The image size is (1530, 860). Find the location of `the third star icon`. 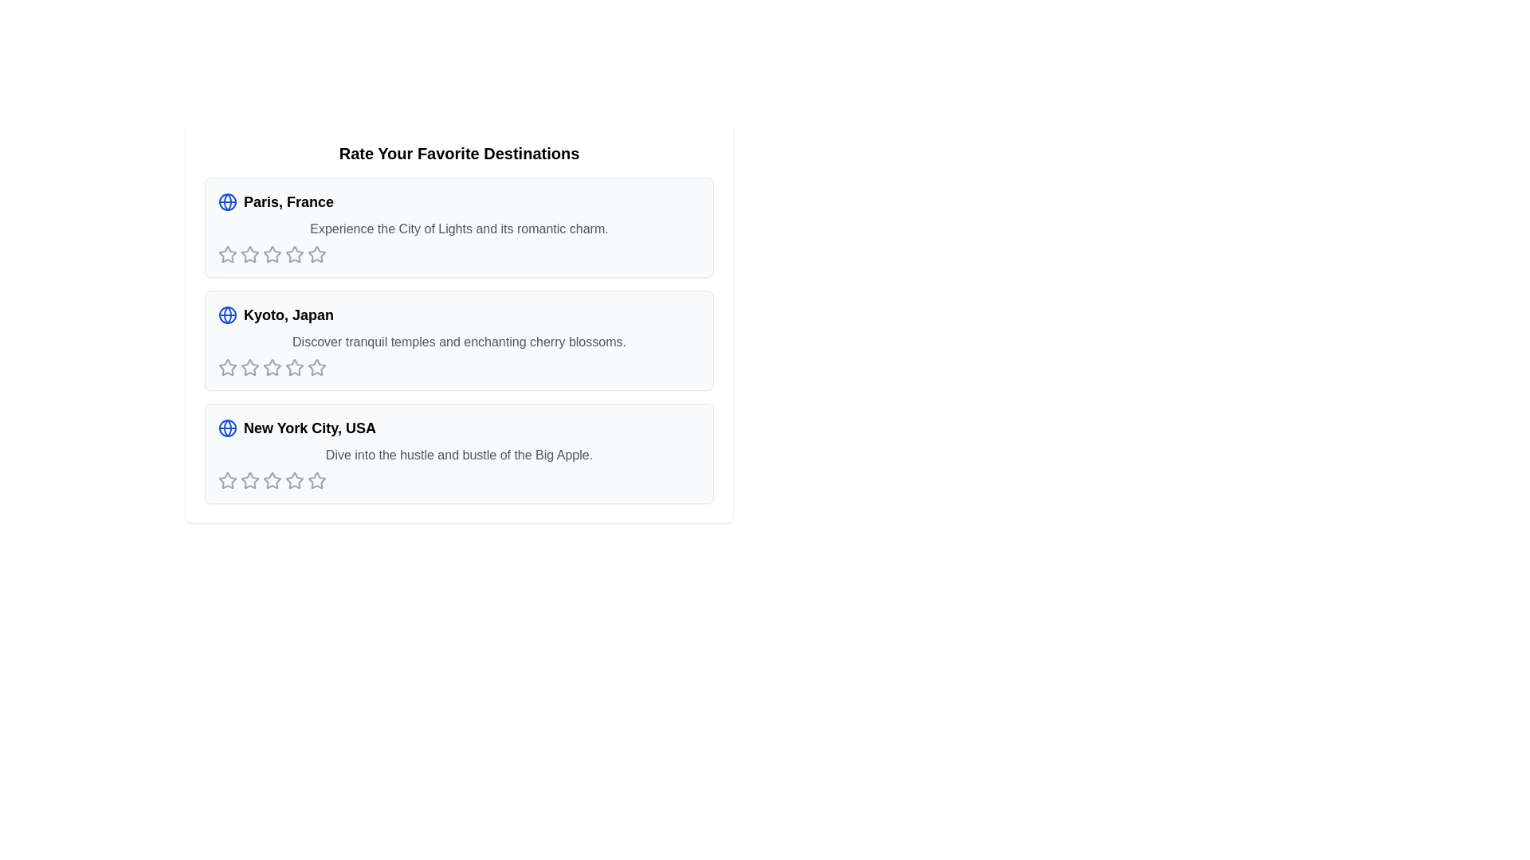

the third star icon is located at coordinates (294, 253).